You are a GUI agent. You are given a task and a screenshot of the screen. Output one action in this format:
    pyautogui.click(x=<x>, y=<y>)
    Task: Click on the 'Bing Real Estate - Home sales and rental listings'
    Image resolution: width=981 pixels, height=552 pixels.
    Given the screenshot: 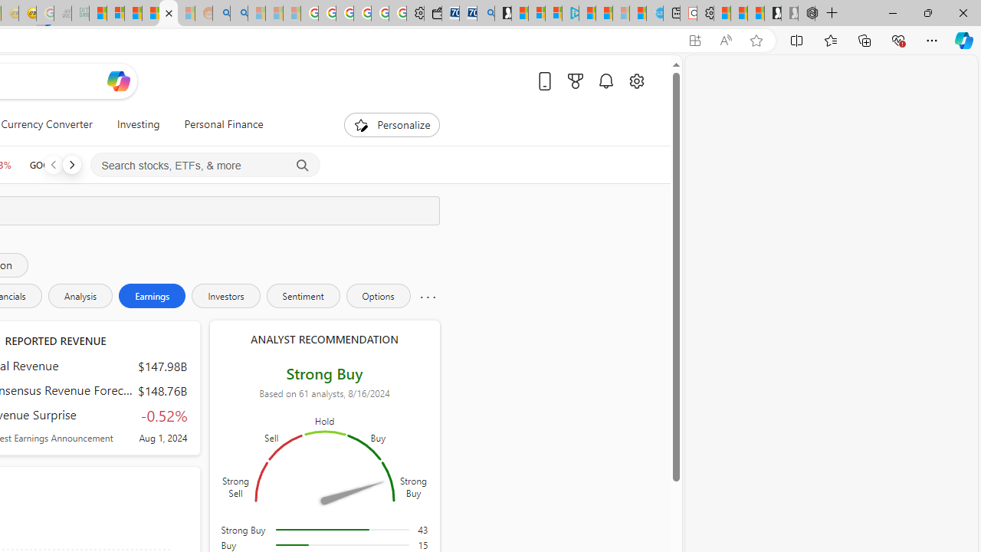 What is the action you would take?
    pyautogui.click(x=485, y=13)
    